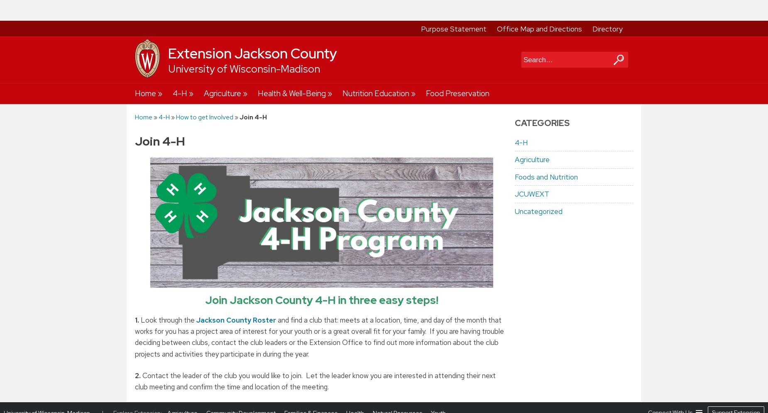 This screenshot has width=768, height=413. What do you see at coordinates (155, 276) in the screenshot?
I see `'At the bottom of the next screen, click on the button for'` at bounding box center [155, 276].